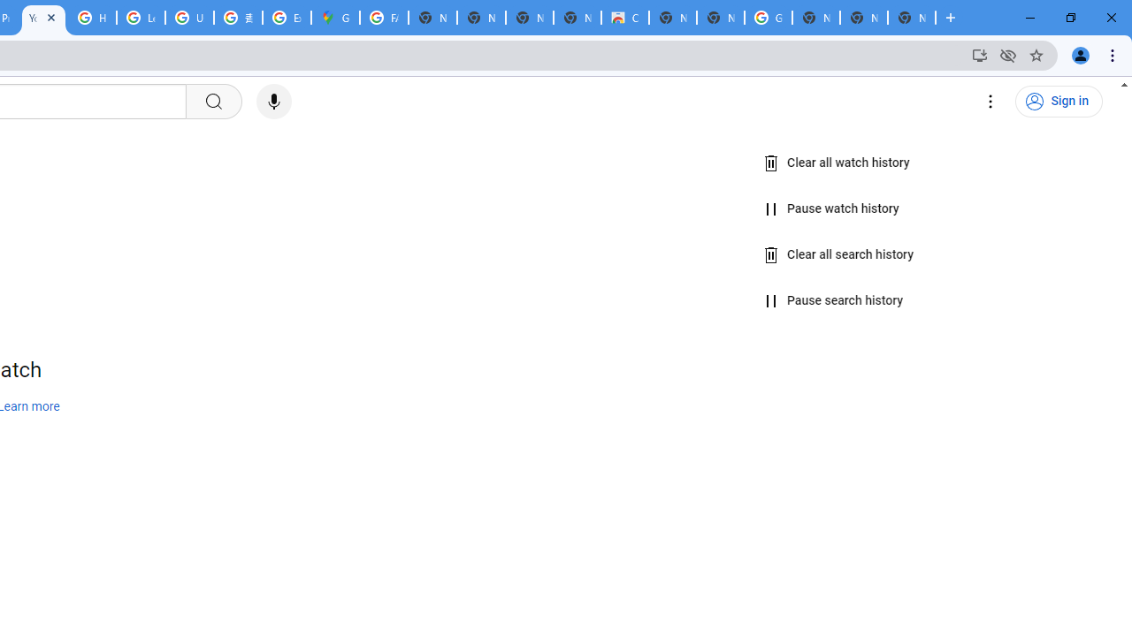 This screenshot has width=1132, height=636. Describe the element at coordinates (833, 300) in the screenshot. I see `'Pause search history'` at that location.